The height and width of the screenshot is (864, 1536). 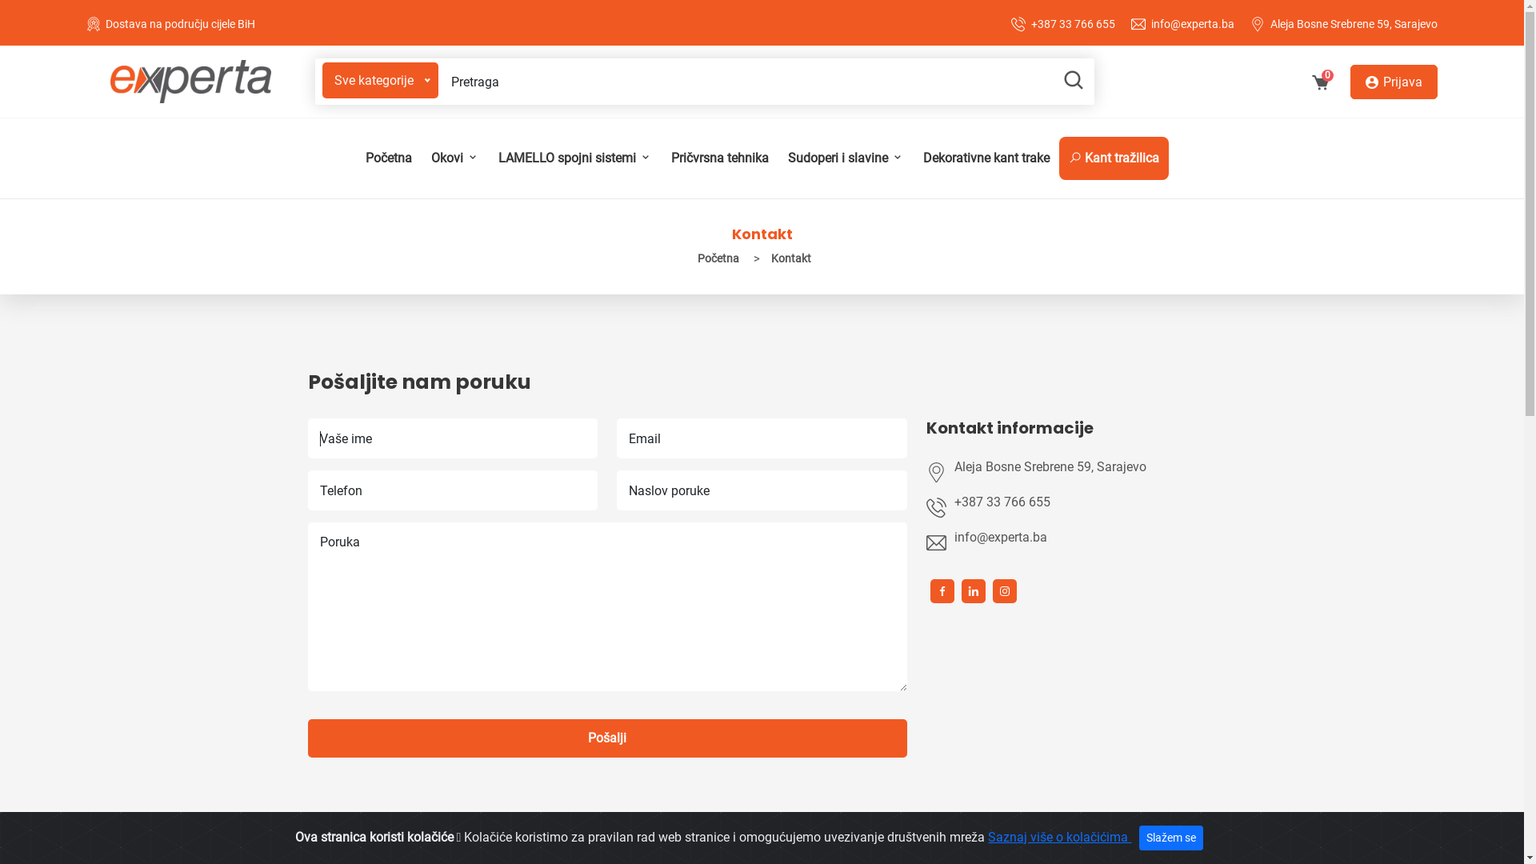 What do you see at coordinates (574, 158) in the screenshot?
I see `'LAMELLO spojni sistemi'` at bounding box center [574, 158].